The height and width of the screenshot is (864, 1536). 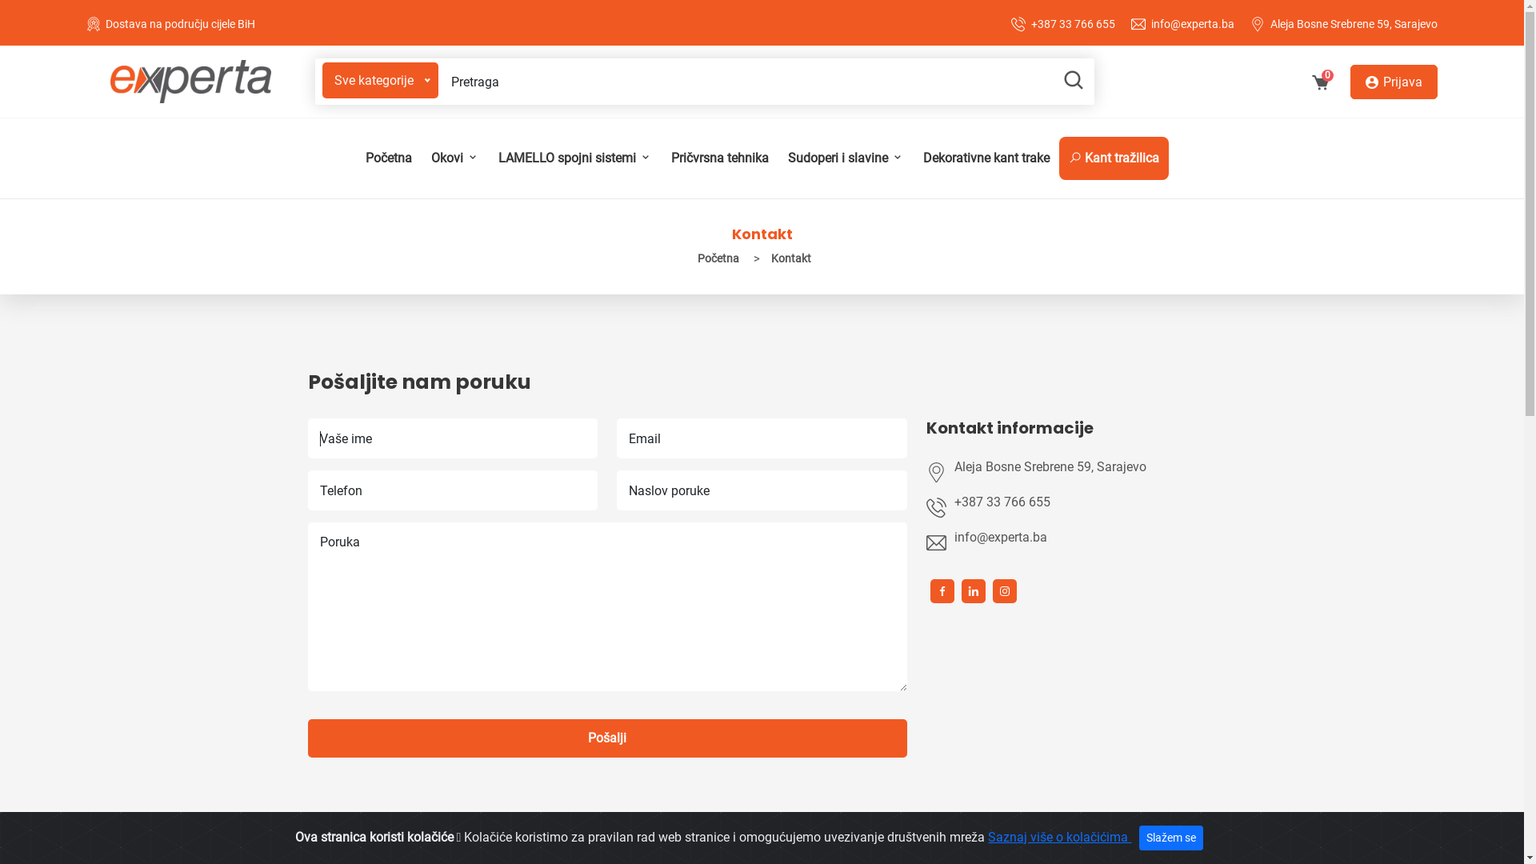 What do you see at coordinates (574, 158) in the screenshot?
I see `'LAMELLO spojni sistemi'` at bounding box center [574, 158].